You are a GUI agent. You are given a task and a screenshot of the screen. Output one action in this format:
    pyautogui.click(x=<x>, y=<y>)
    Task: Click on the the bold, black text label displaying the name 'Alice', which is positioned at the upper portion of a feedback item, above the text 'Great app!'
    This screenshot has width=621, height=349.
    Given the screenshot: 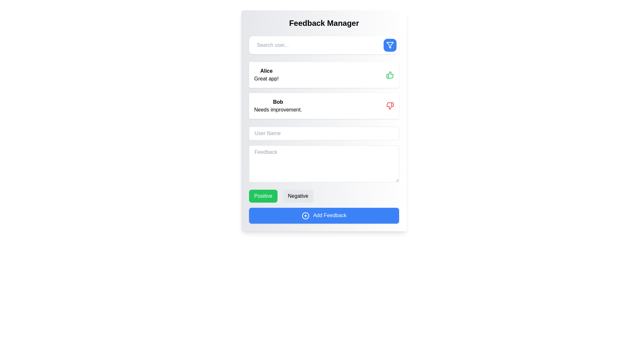 What is the action you would take?
    pyautogui.click(x=266, y=71)
    